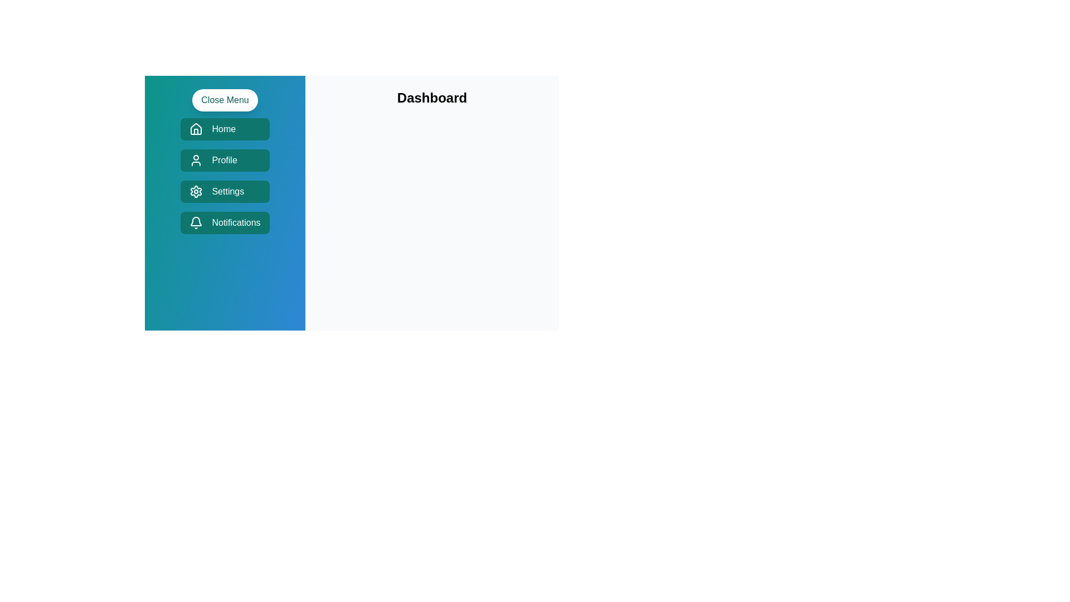  I want to click on the settings gear icon located in the vertical menu on the left-hand side, positioned below the Profile button and above the Notifications button, so click(196, 191).